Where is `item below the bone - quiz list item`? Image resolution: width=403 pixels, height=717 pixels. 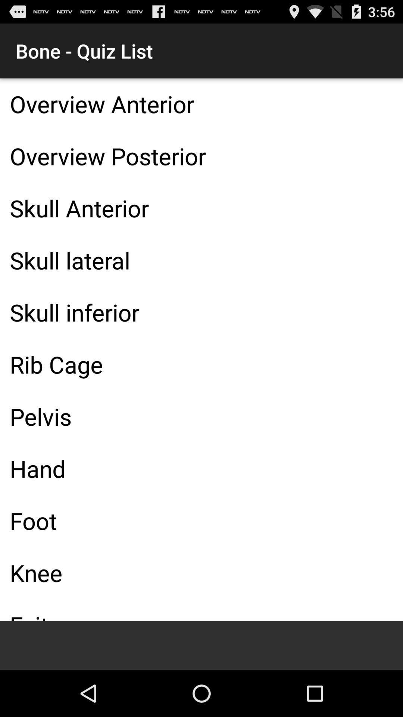 item below the bone - quiz list item is located at coordinates (201, 103).